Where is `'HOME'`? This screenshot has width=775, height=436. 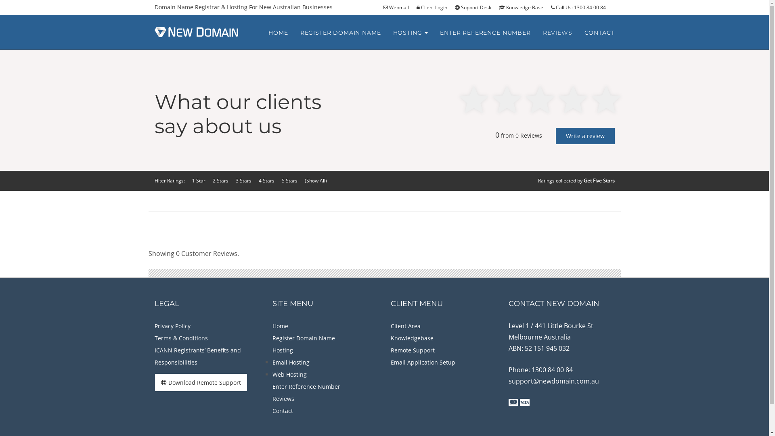
'HOME' is located at coordinates (278, 32).